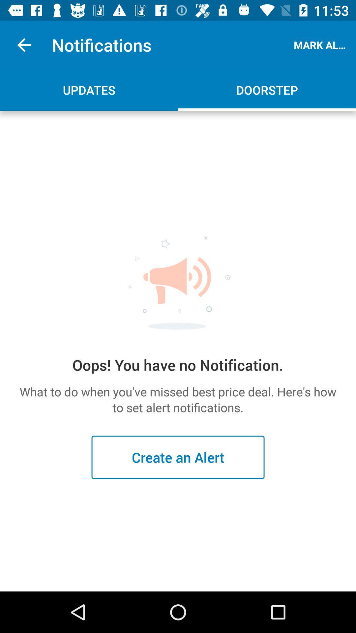  What do you see at coordinates (267, 90) in the screenshot?
I see `the icon next to the updates item` at bounding box center [267, 90].